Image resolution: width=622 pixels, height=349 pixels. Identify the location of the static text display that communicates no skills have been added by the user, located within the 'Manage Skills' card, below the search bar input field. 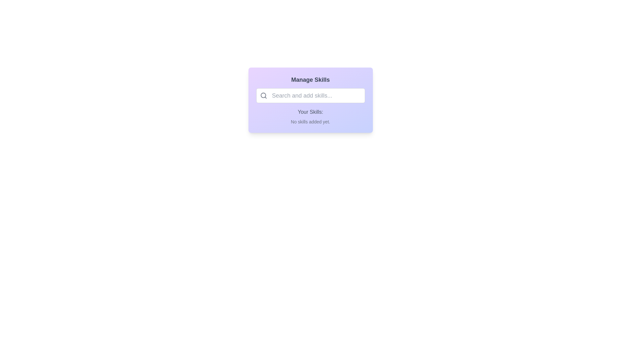
(310, 117).